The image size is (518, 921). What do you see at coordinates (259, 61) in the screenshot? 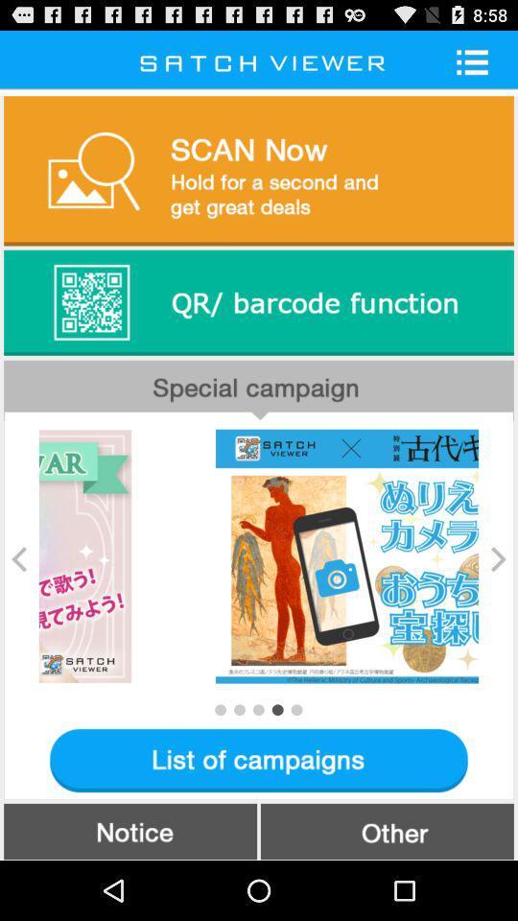
I see `the text on the top above the scan now` at bounding box center [259, 61].